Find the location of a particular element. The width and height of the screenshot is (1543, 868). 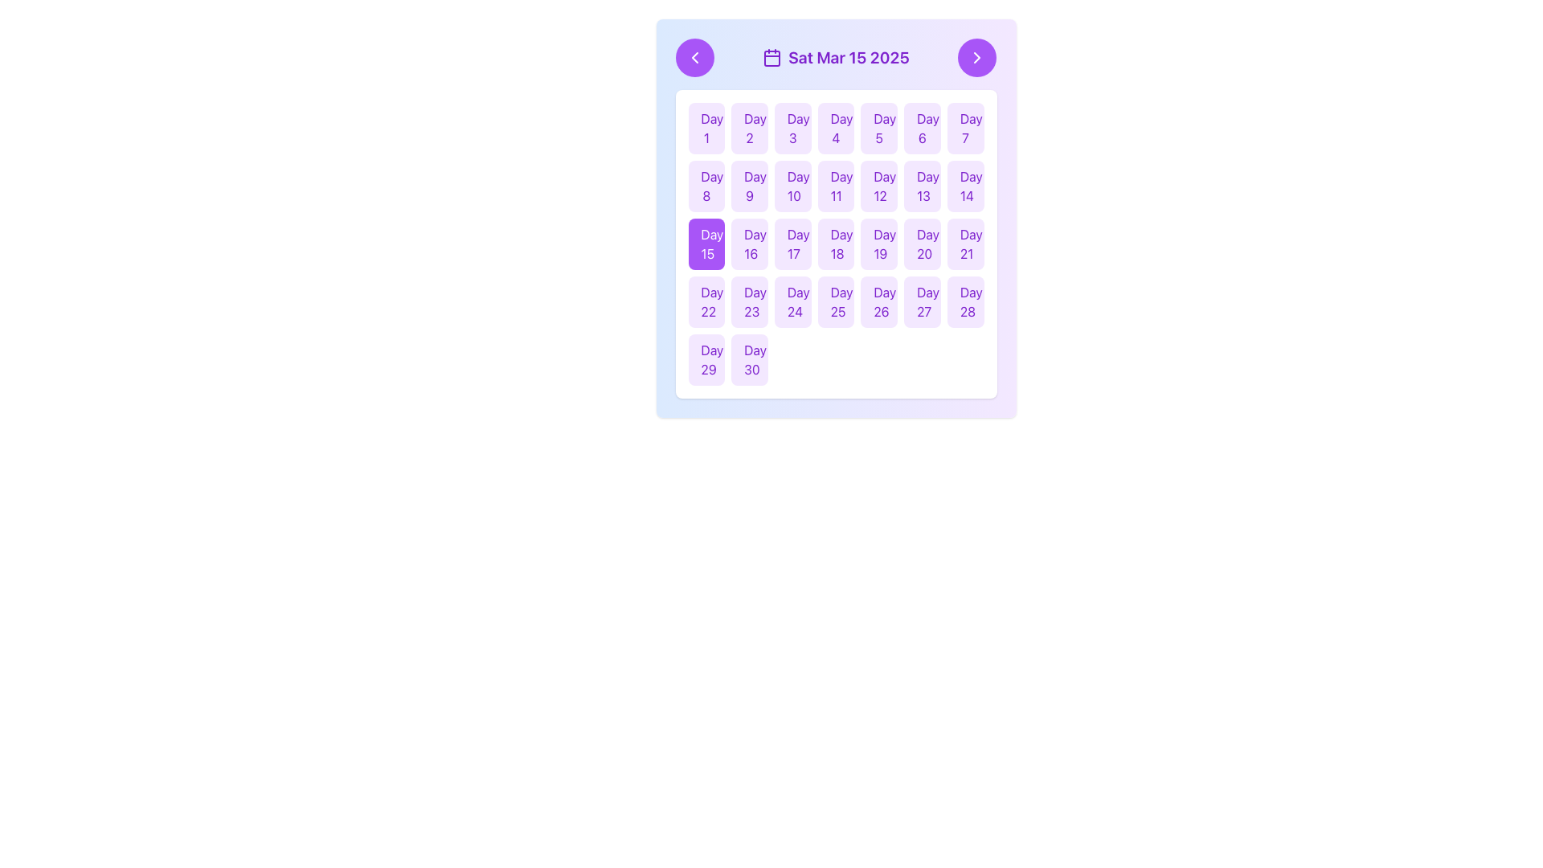

the button labeled 'Day 26', which is a standard button with a light purple background and darker purple text, located in the calendar grid as the 5th button in the 4th row is located at coordinates (878, 301).